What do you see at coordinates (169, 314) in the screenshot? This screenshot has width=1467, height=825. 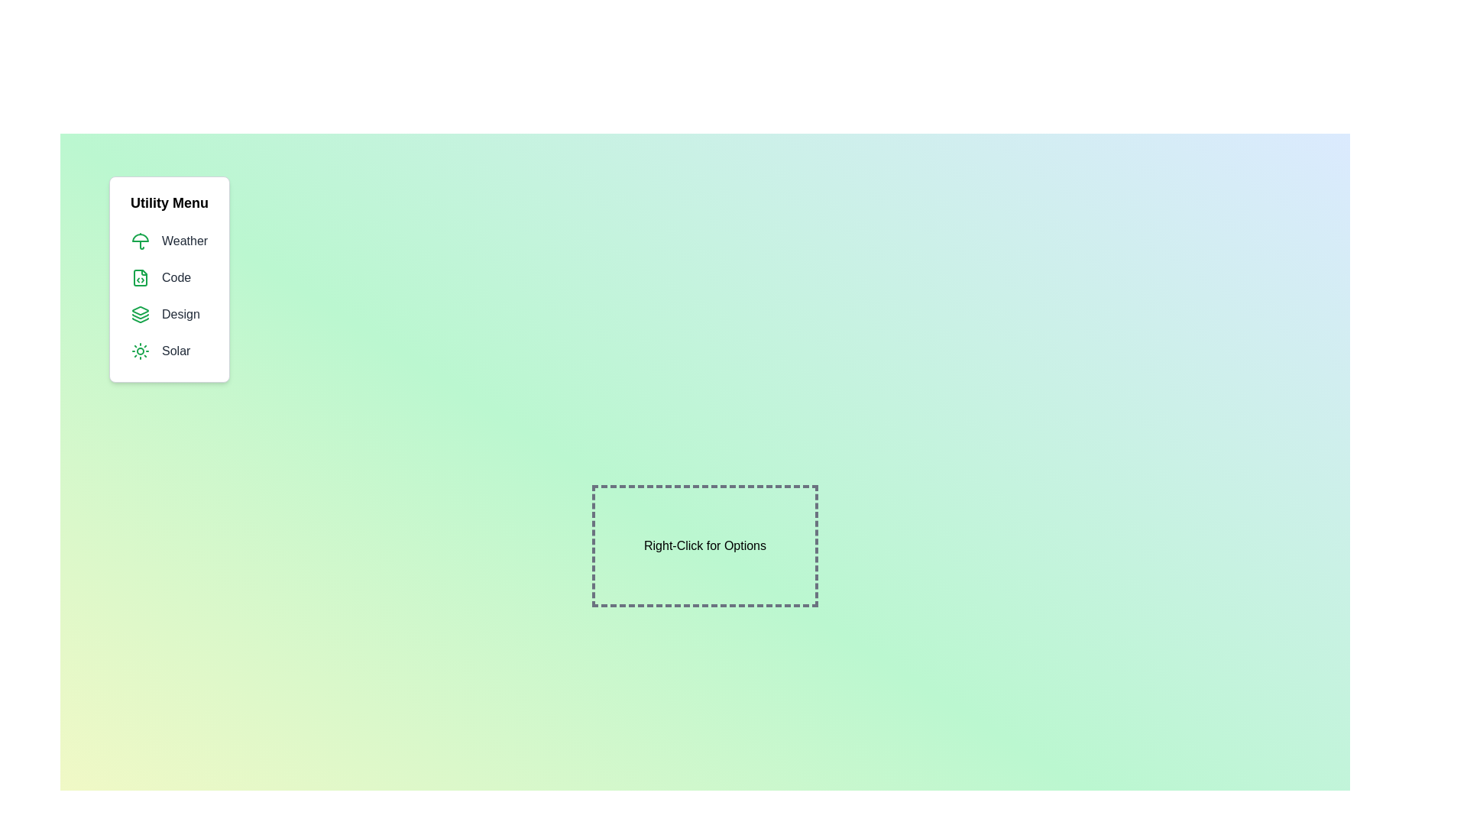 I see `the menu item Design to observe the hover effect` at bounding box center [169, 314].